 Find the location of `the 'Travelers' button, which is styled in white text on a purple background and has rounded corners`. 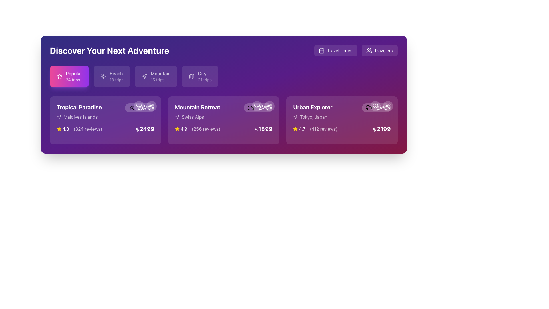

the 'Travelers' button, which is styled in white text on a purple background and has rounded corners is located at coordinates (383, 50).